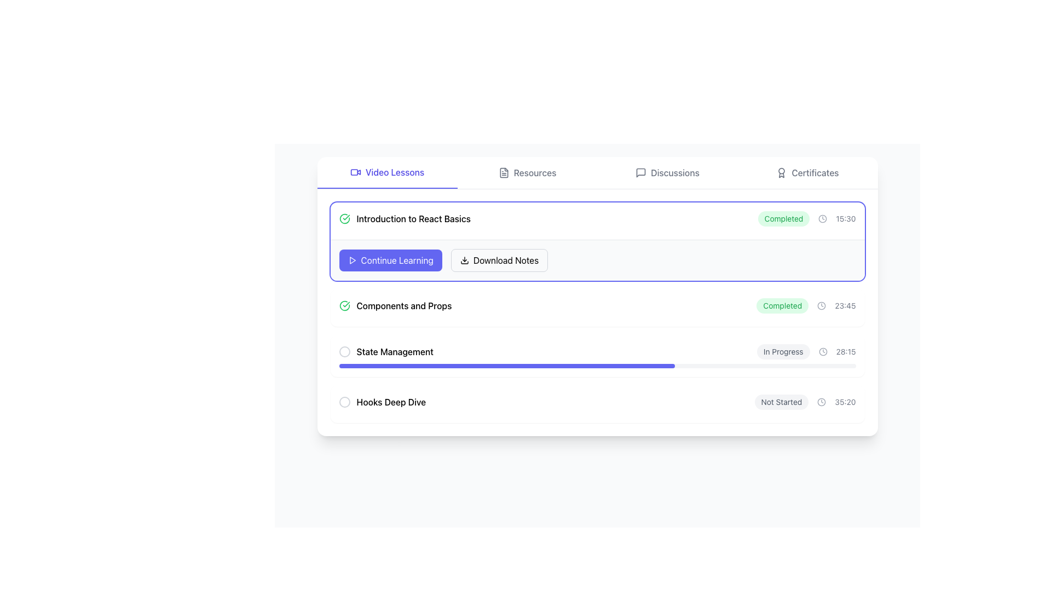 The height and width of the screenshot is (591, 1051). Describe the element at coordinates (845, 306) in the screenshot. I see `the timestamp text element located at the bottom of the list component, adjacent to a 'Completed' label and a clock icon, to check the completion time` at that location.